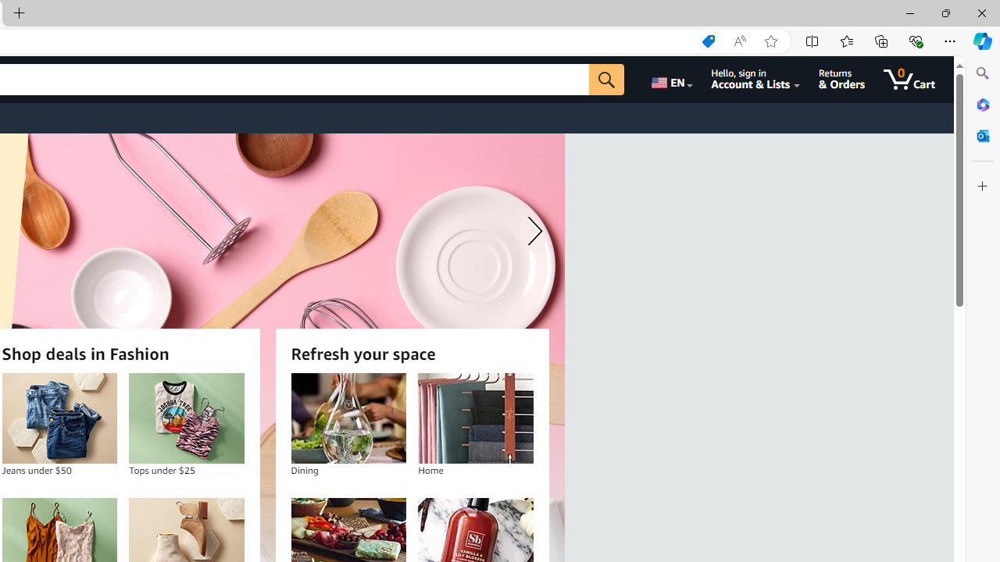  Describe the element at coordinates (738, 41) in the screenshot. I see `'Read aloud this page (Ctrl+Shift+U)'` at that location.